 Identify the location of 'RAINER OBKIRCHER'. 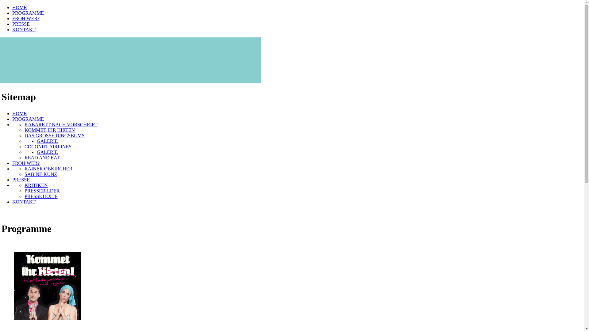
(48, 169).